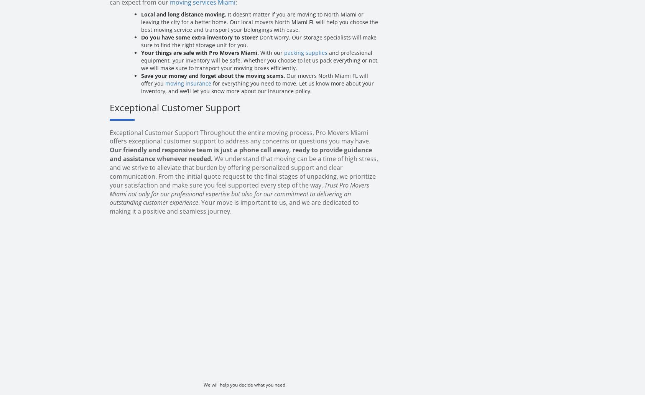 The height and width of the screenshot is (395, 645). What do you see at coordinates (239, 193) in the screenshot?
I see `'Trust Pro Movers Miami not only for our professional expertise but also for our commitment to delivering an outstanding customer experience'` at bounding box center [239, 193].